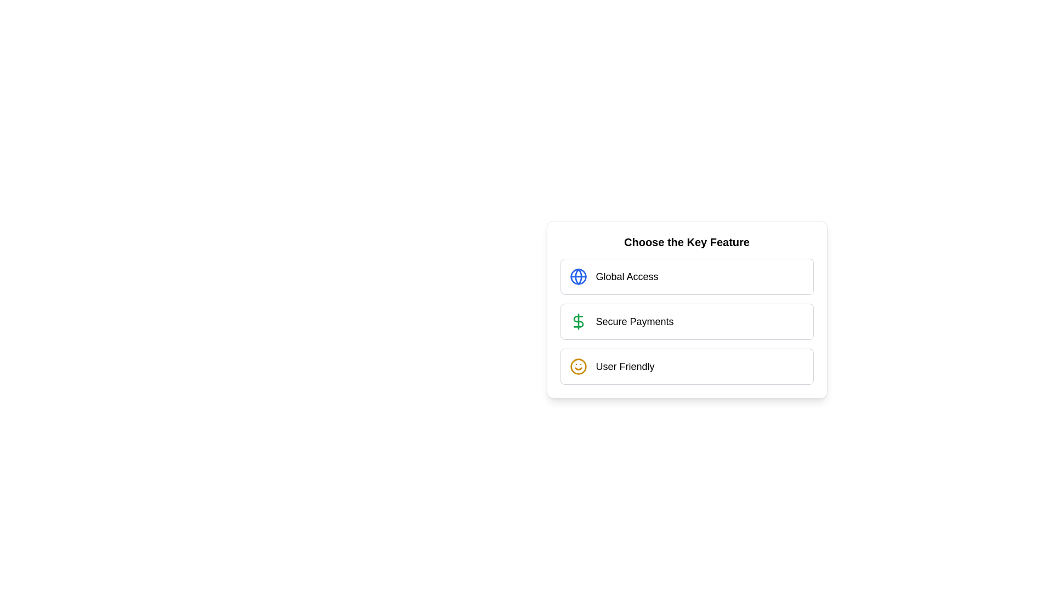 Image resolution: width=1053 pixels, height=592 pixels. Describe the element at coordinates (686, 309) in the screenshot. I see `the 'Secure Payments' selectable button, which is the second option in a vertically stacked group of buttons, located between 'Global Access' and 'User Friendly'` at that location.